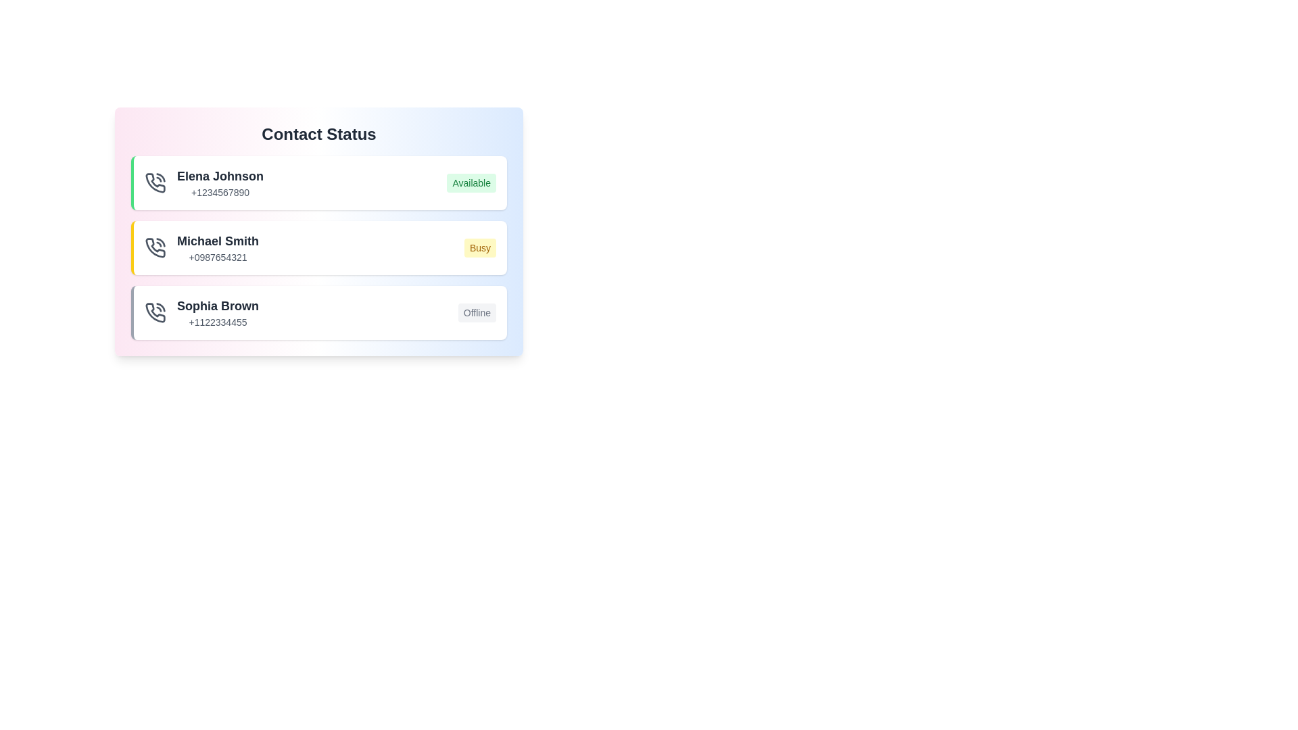 The height and width of the screenshot is (730, 1298). I want to click on the phone icon of the contact Sophia Brown to initiate a call, so click(155, 312).